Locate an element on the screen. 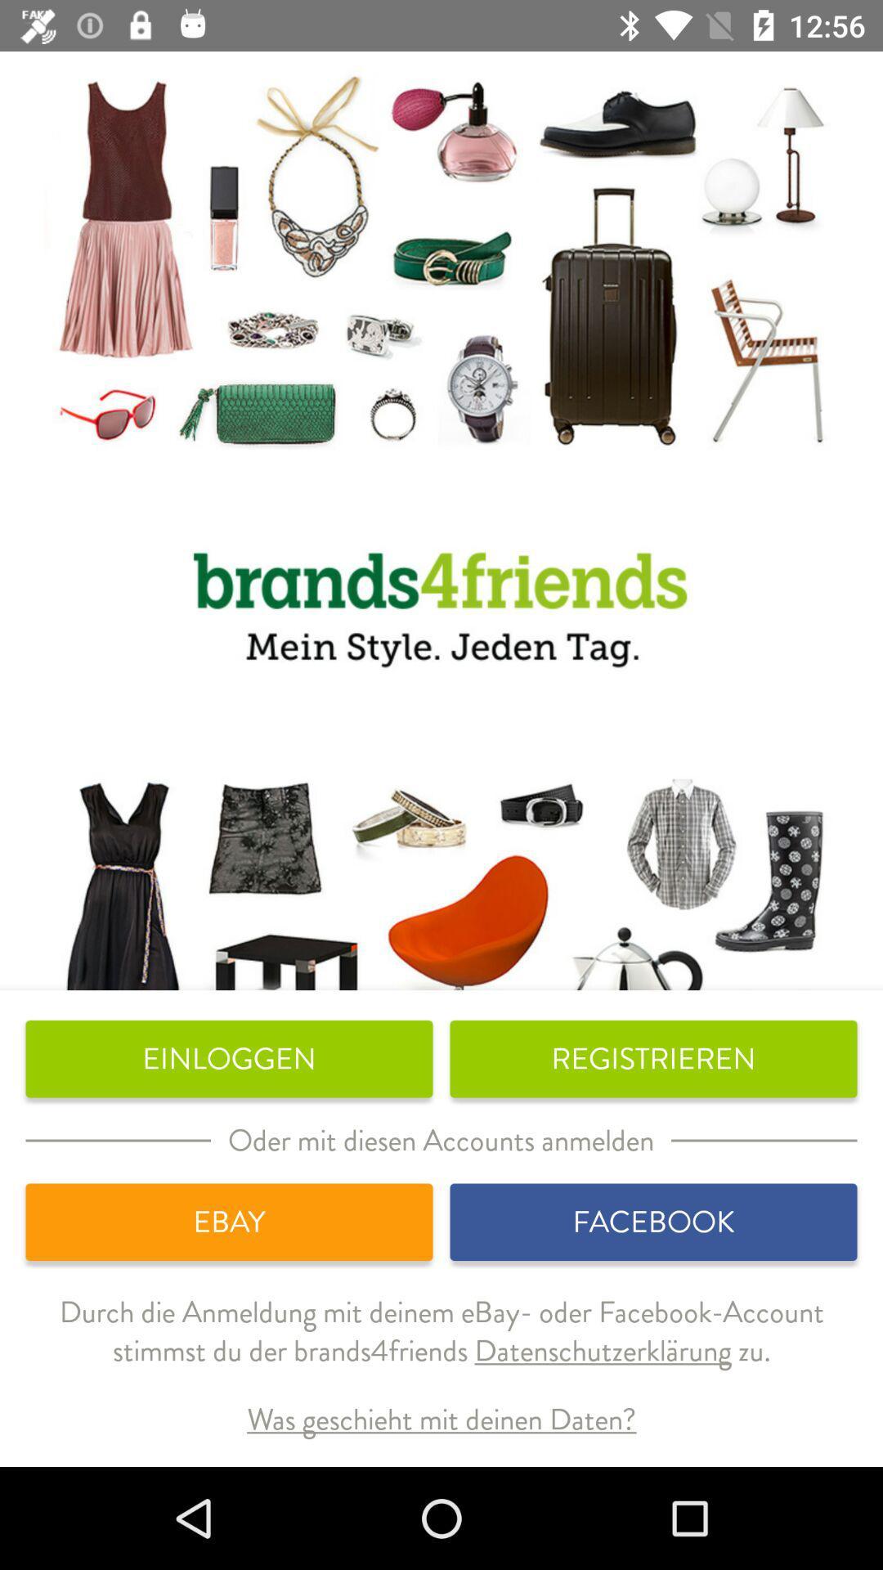 Image resolution: width=883 pixels, height=1570 pixels. icon to the left of the registrieren is located at coordinates (229, 1059).